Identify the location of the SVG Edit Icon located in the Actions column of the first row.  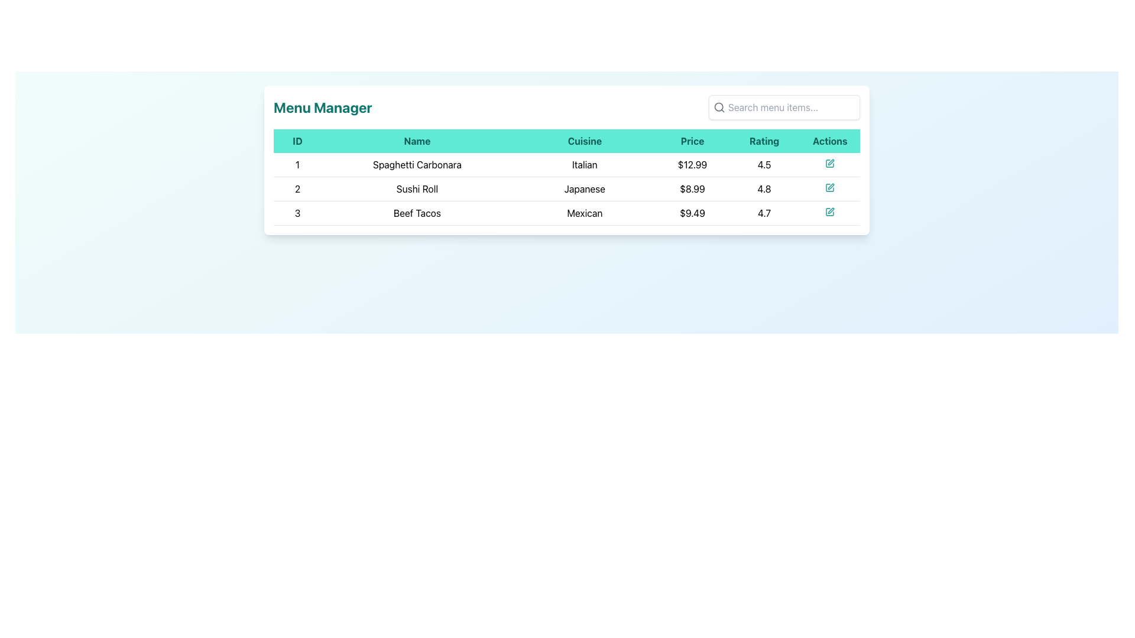
(831, 162).